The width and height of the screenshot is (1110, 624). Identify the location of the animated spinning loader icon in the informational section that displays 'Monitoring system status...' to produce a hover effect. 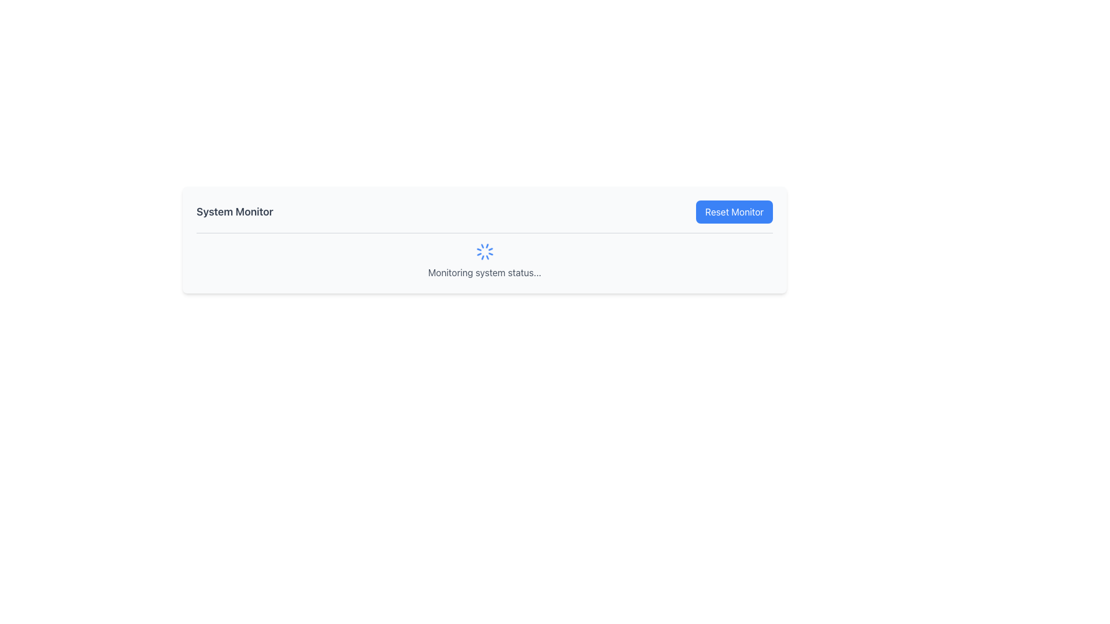
(484, 261).